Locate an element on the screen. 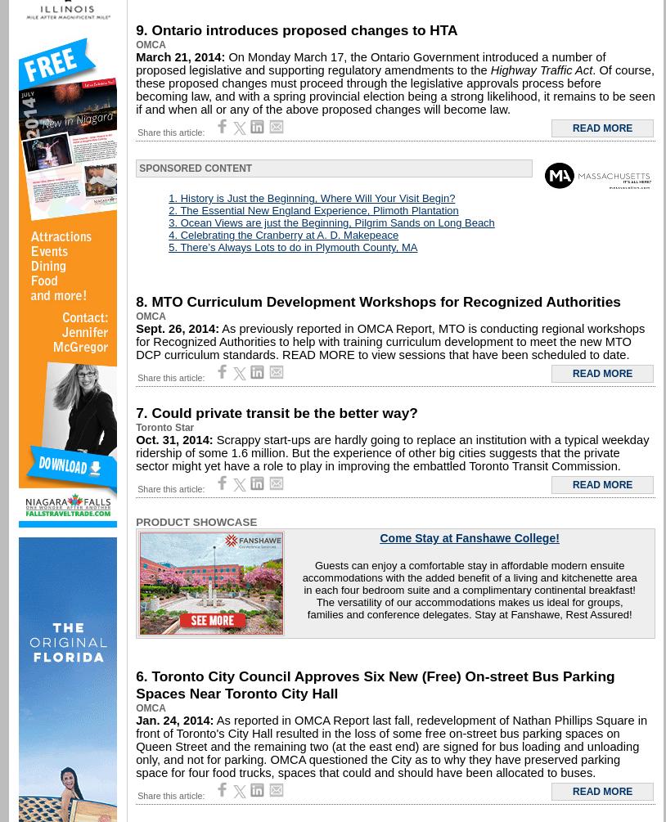 The height and width of the screenshot is (822, 666). 'SPONSORED CONTENT' is located at coordinates (137, 168).